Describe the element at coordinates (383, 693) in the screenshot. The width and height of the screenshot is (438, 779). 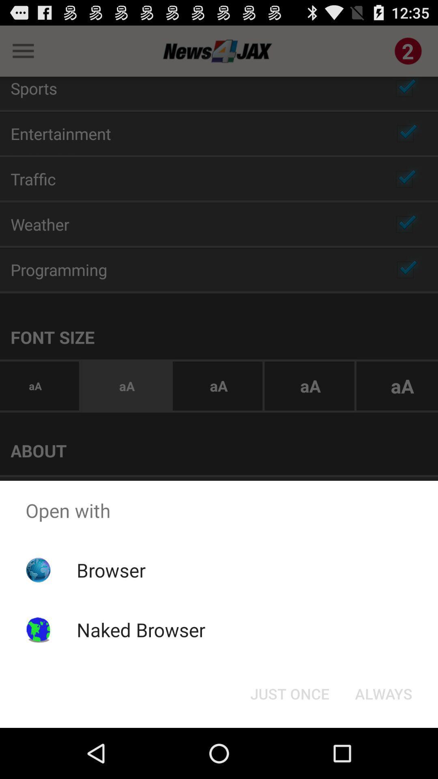
I see `the always button` at that location.